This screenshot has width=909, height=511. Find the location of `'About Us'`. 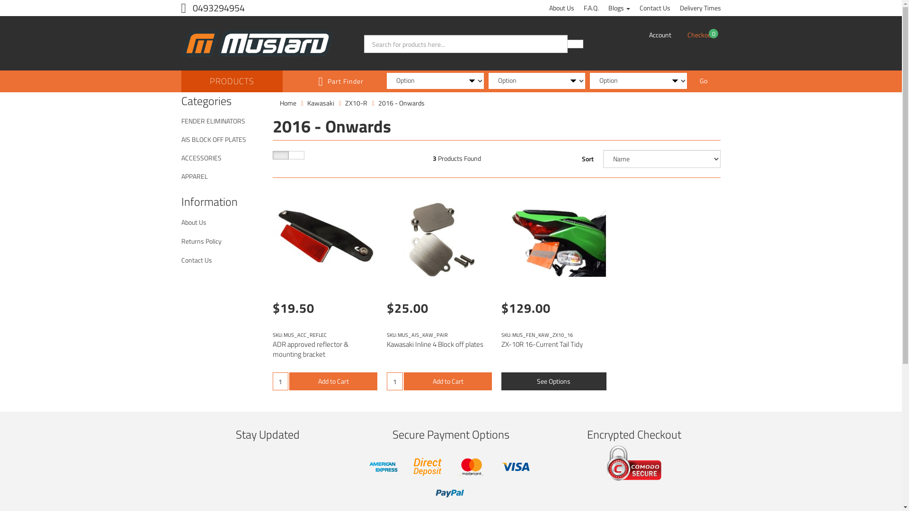

'About Us' is located at coordinates (561, 8).